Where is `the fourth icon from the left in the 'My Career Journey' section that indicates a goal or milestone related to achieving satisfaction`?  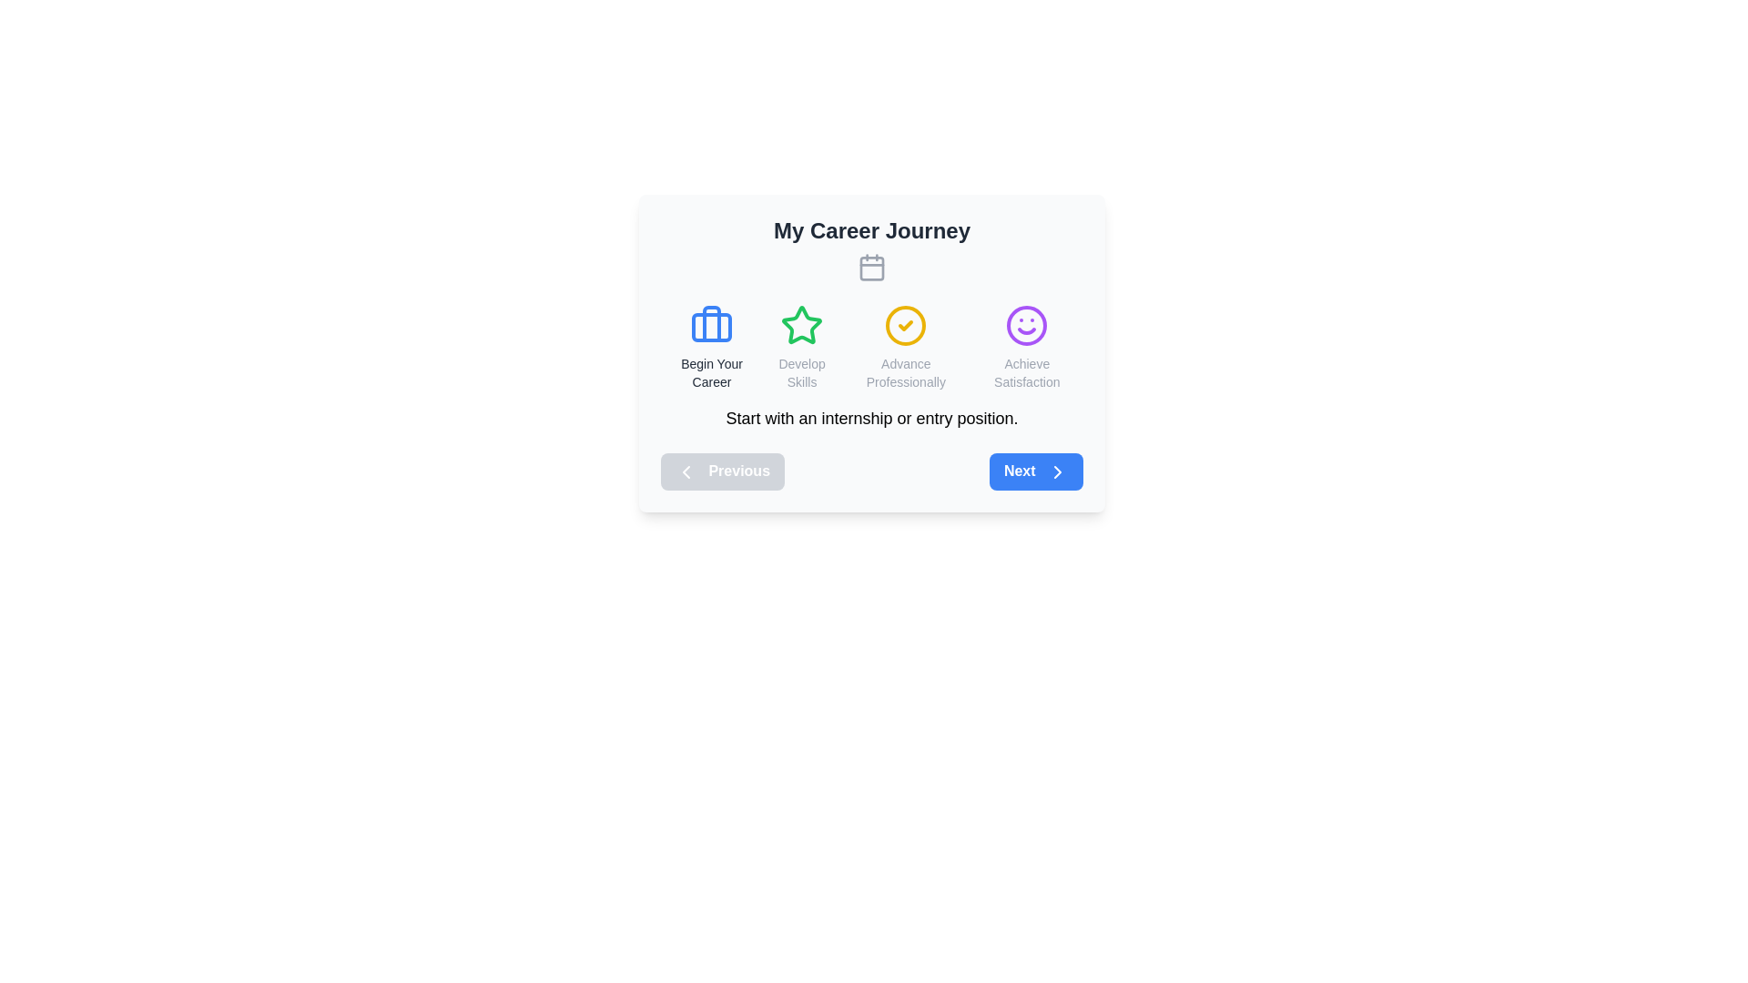 the fourth icon from the left in the 'My Career Journey' section that indicates a goal or milestone related to achieving satisfaction is located at coordinates (1027, 347).